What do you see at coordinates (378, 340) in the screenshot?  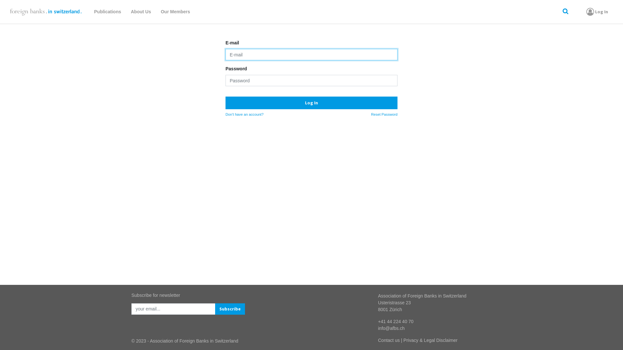 I see `'Contact us'` at bounding box center [378, 340].